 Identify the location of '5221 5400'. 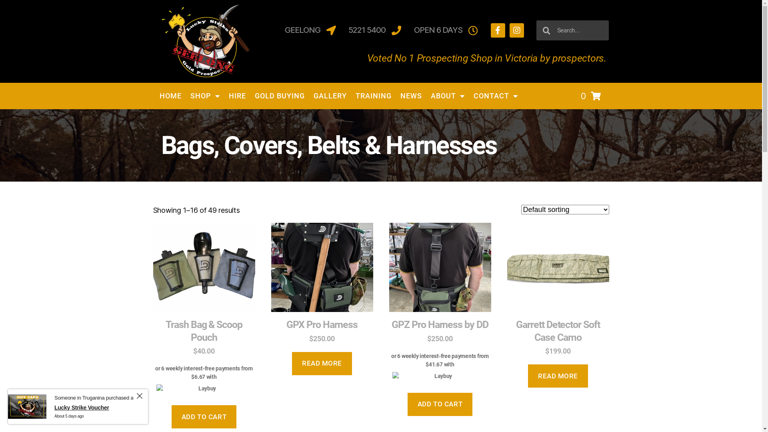
(374, 30).